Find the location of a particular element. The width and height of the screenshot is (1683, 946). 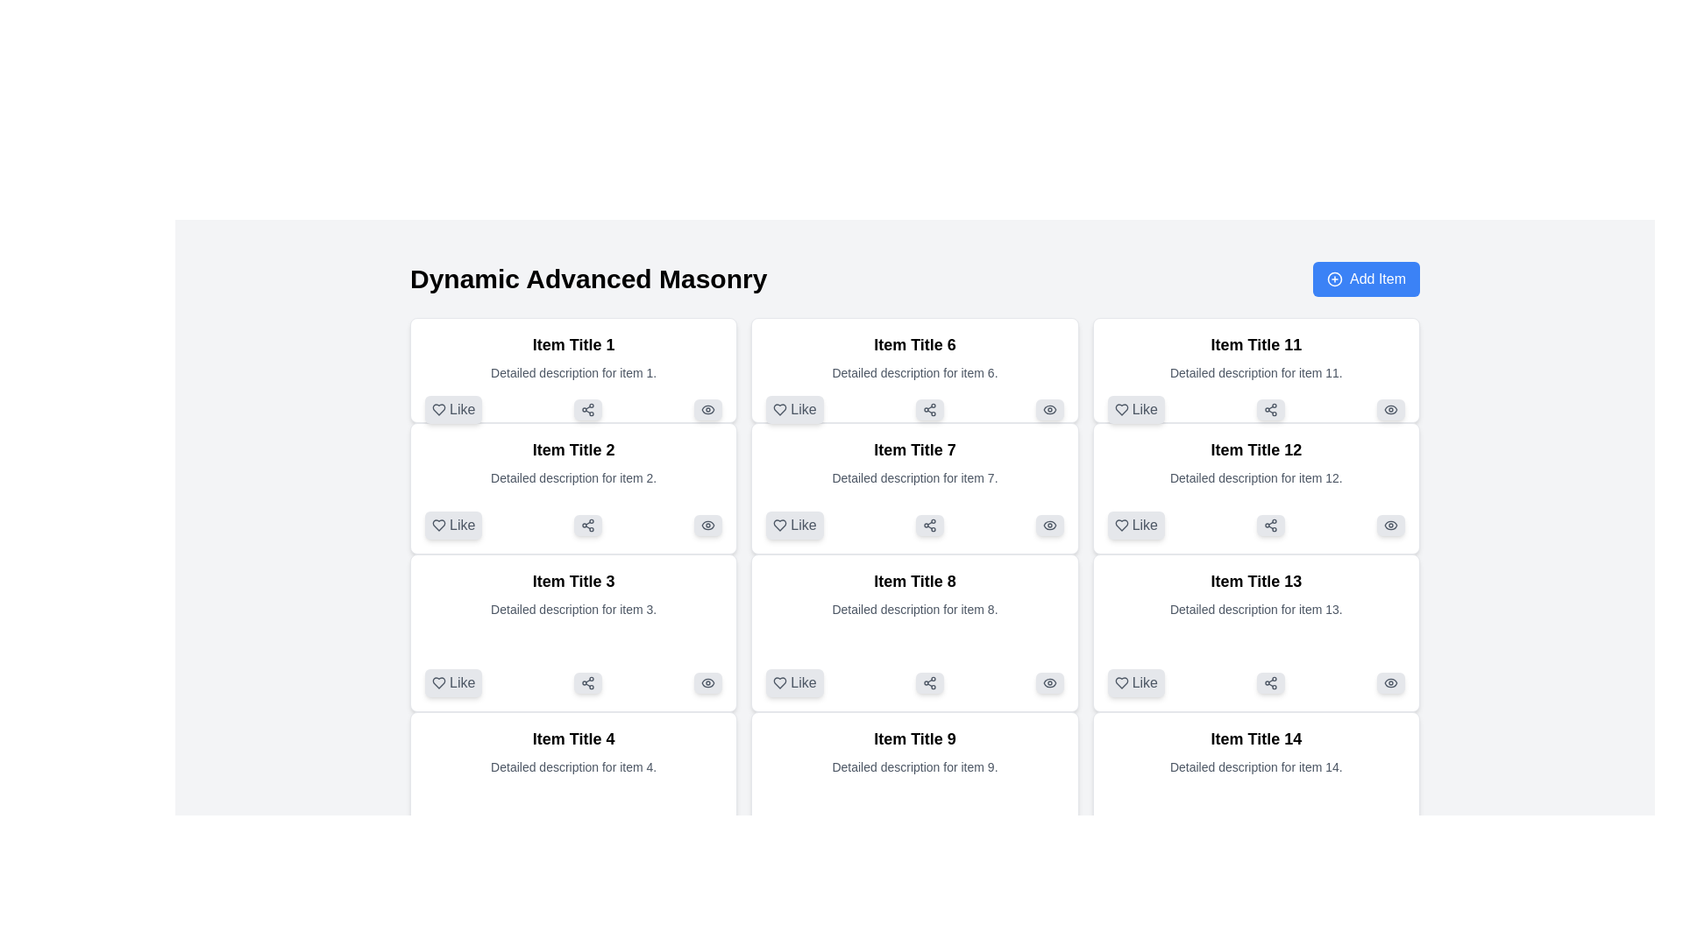

the text label displaying 'Detailed description for item 7.' located below 'Item Title 7' in the card layout is located at coordinates (913, 478).